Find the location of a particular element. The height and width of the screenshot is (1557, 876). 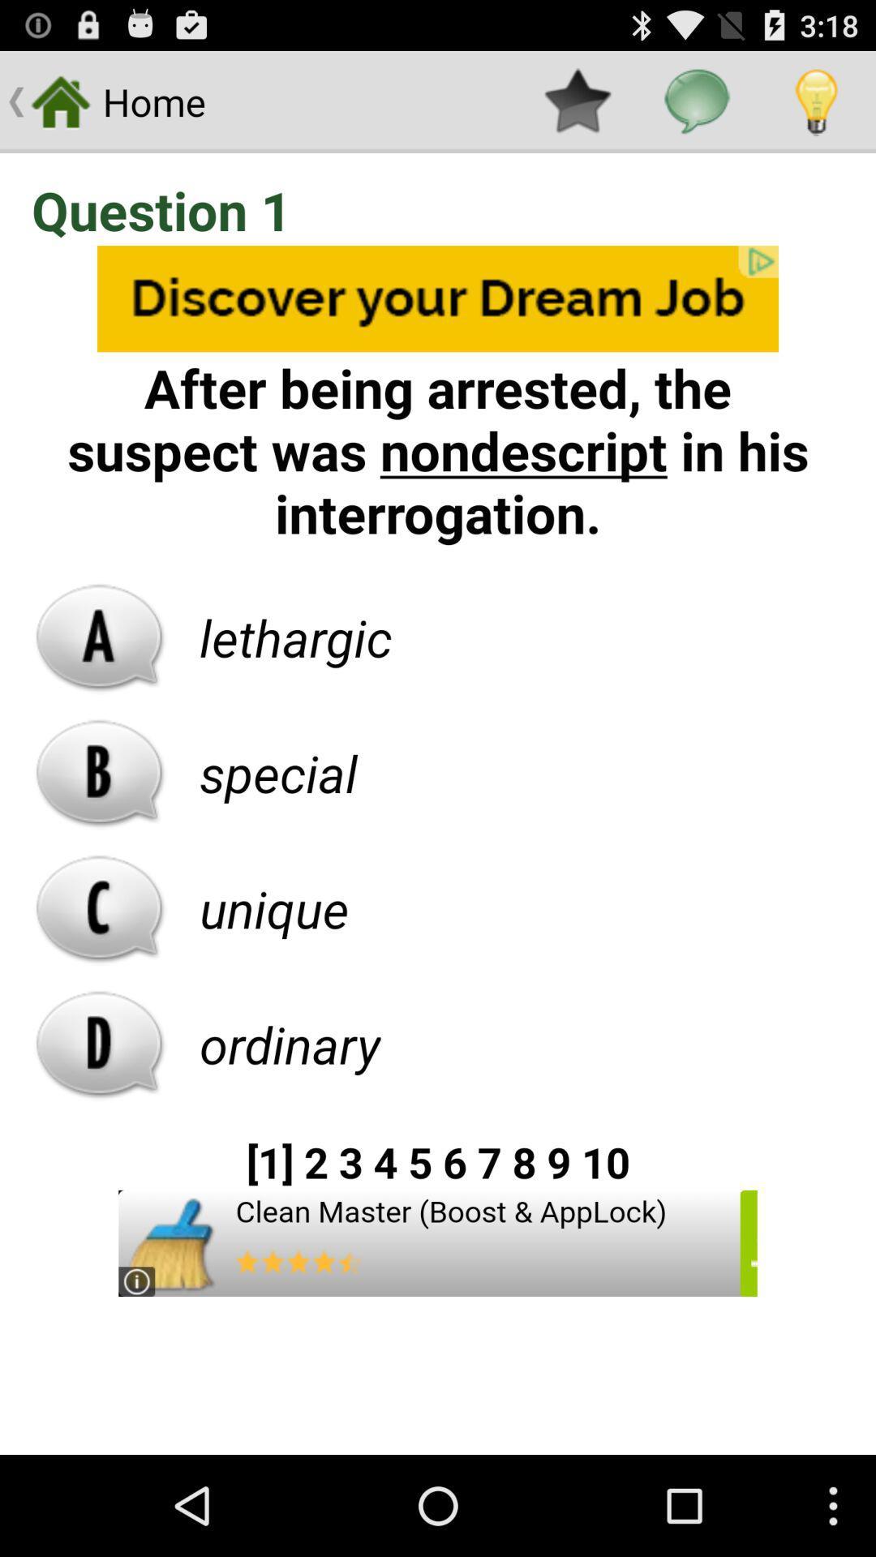

the call icon is located at coordinates (100, 972).